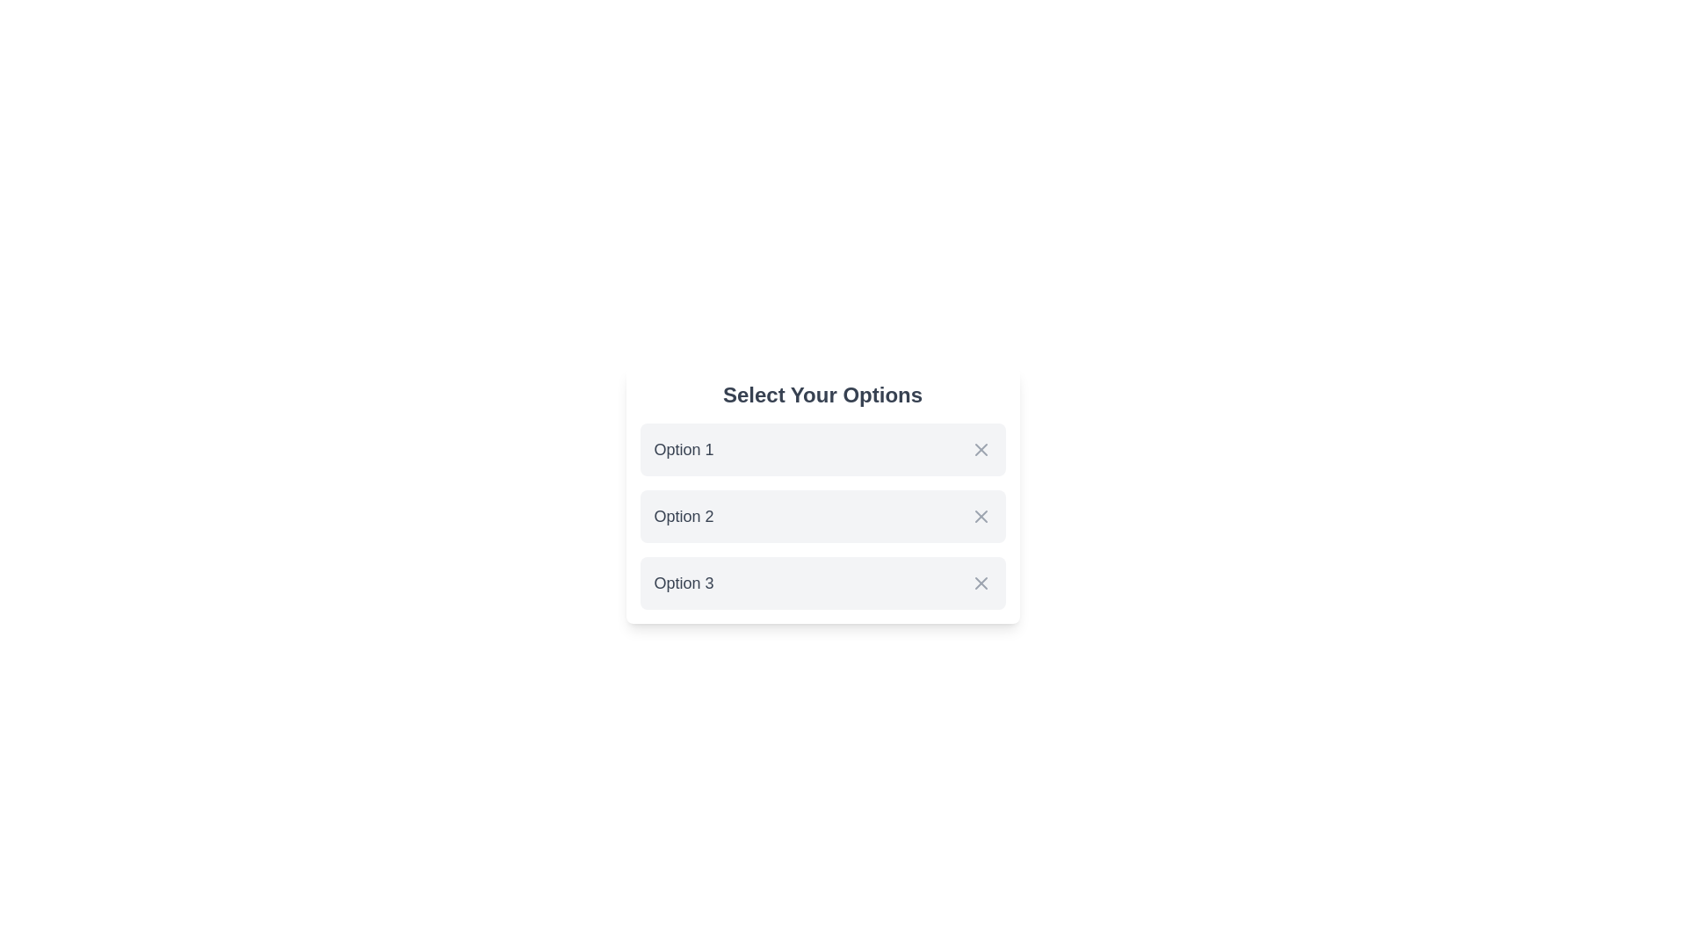  I want to click on the text label that reads 'Option 3' to potentially receive visual feedback, so click(683, 583).